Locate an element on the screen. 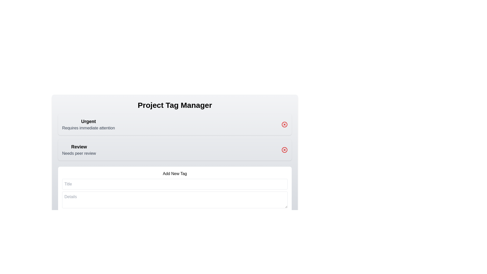 Image resolution: width=487 pixels, height=274 pixels. text label indicating the status 'Needs peer review', which emphasizes the bolded 'Review' label, located in the second section of larger rectangular cards with a blue background is located at coordinates (79, 149).